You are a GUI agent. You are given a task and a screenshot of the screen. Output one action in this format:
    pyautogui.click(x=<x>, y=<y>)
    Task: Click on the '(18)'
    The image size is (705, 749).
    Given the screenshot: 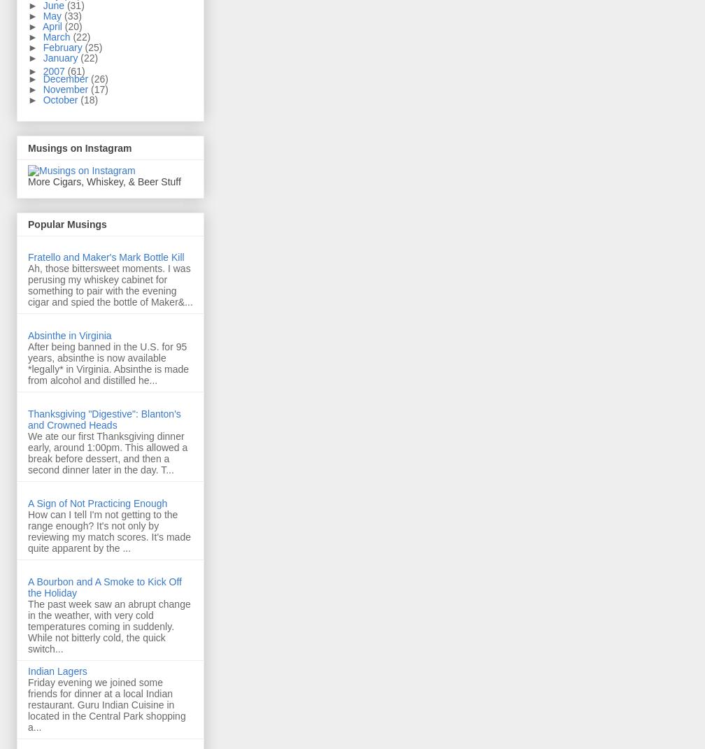 What is the action you would take?
    pyautogui.click(x=80, y=99)
    